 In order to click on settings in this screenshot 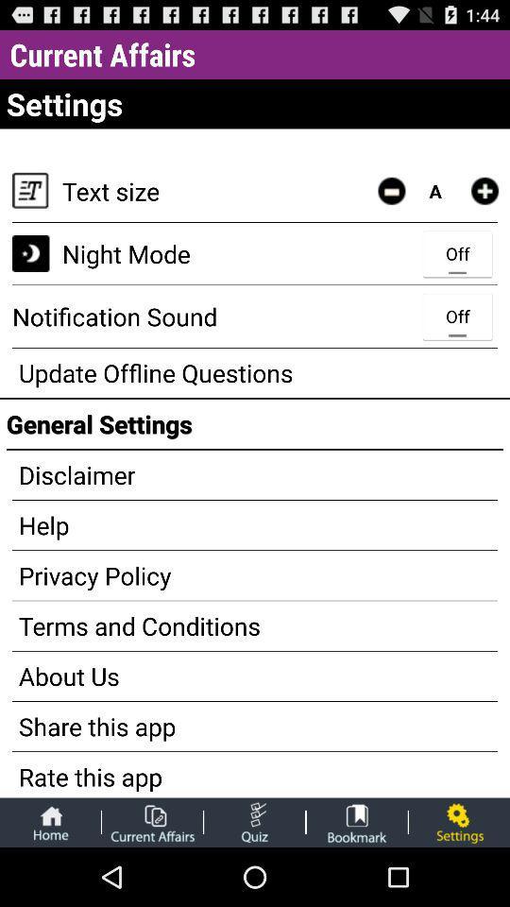, I will do `click(458, 821)`.